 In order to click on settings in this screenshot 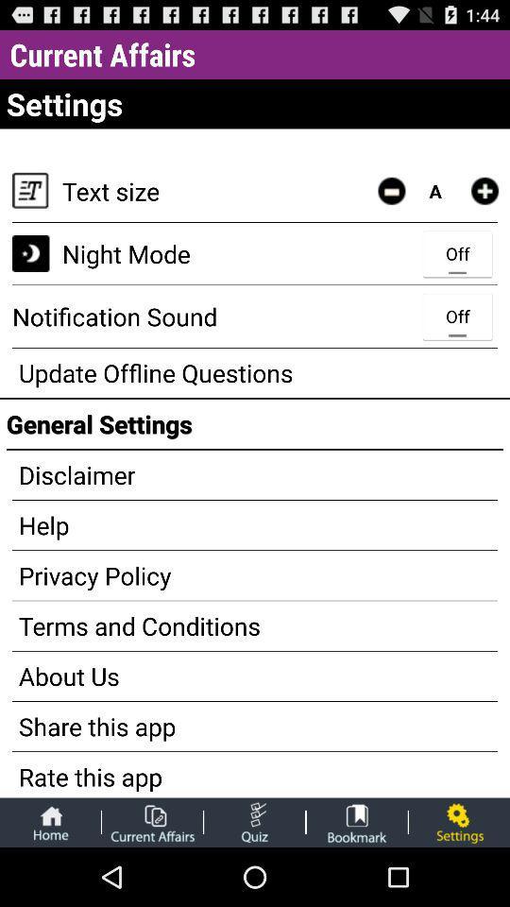, I will do `click(458, 821)`.